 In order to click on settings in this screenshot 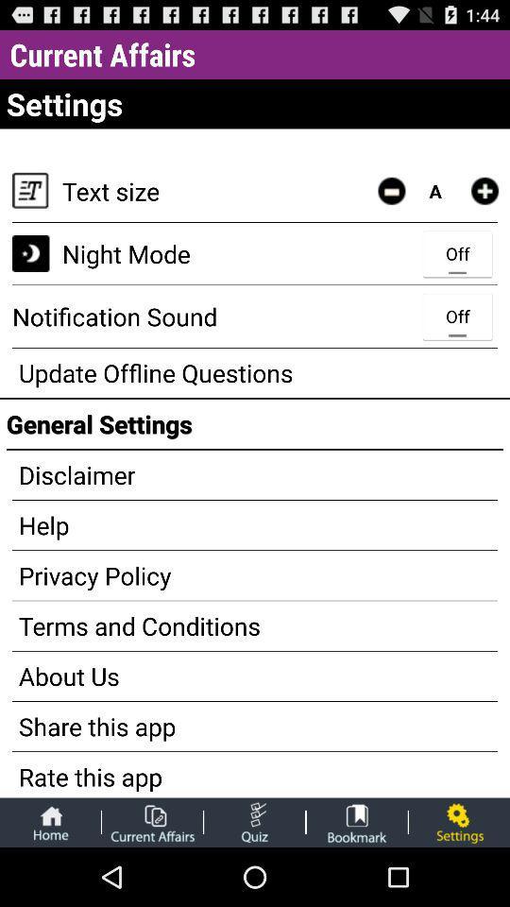, I will do `click(458, 821)`.